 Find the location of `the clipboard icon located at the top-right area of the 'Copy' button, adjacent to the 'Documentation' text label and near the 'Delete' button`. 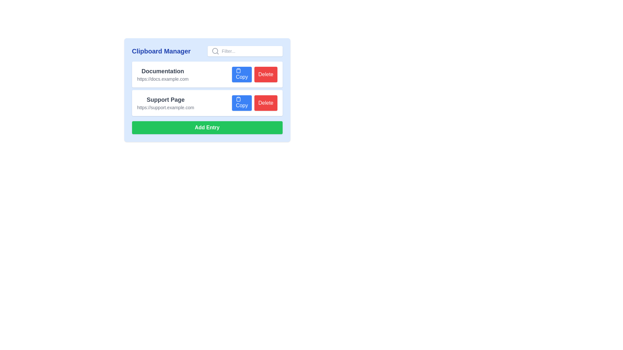

the clipboard icon located at the top-right area of the 'Copy' button, adjacent to the 'Documentation' text label and near the 'Delete' button is located at coordinates (238, 71).